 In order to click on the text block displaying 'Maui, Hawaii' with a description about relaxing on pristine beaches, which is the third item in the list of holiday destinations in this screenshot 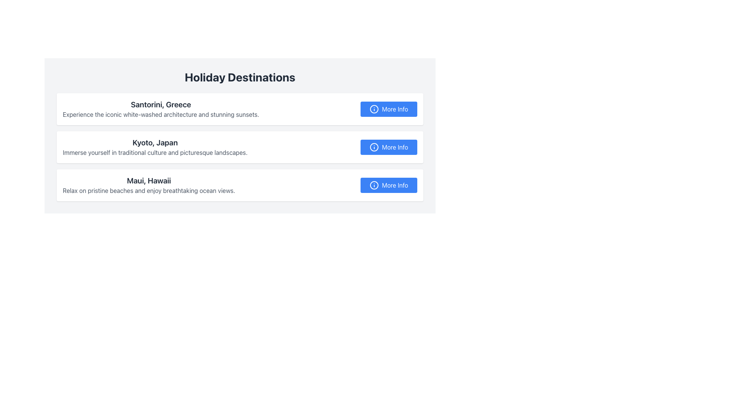, I will do `click(149, 185)`.